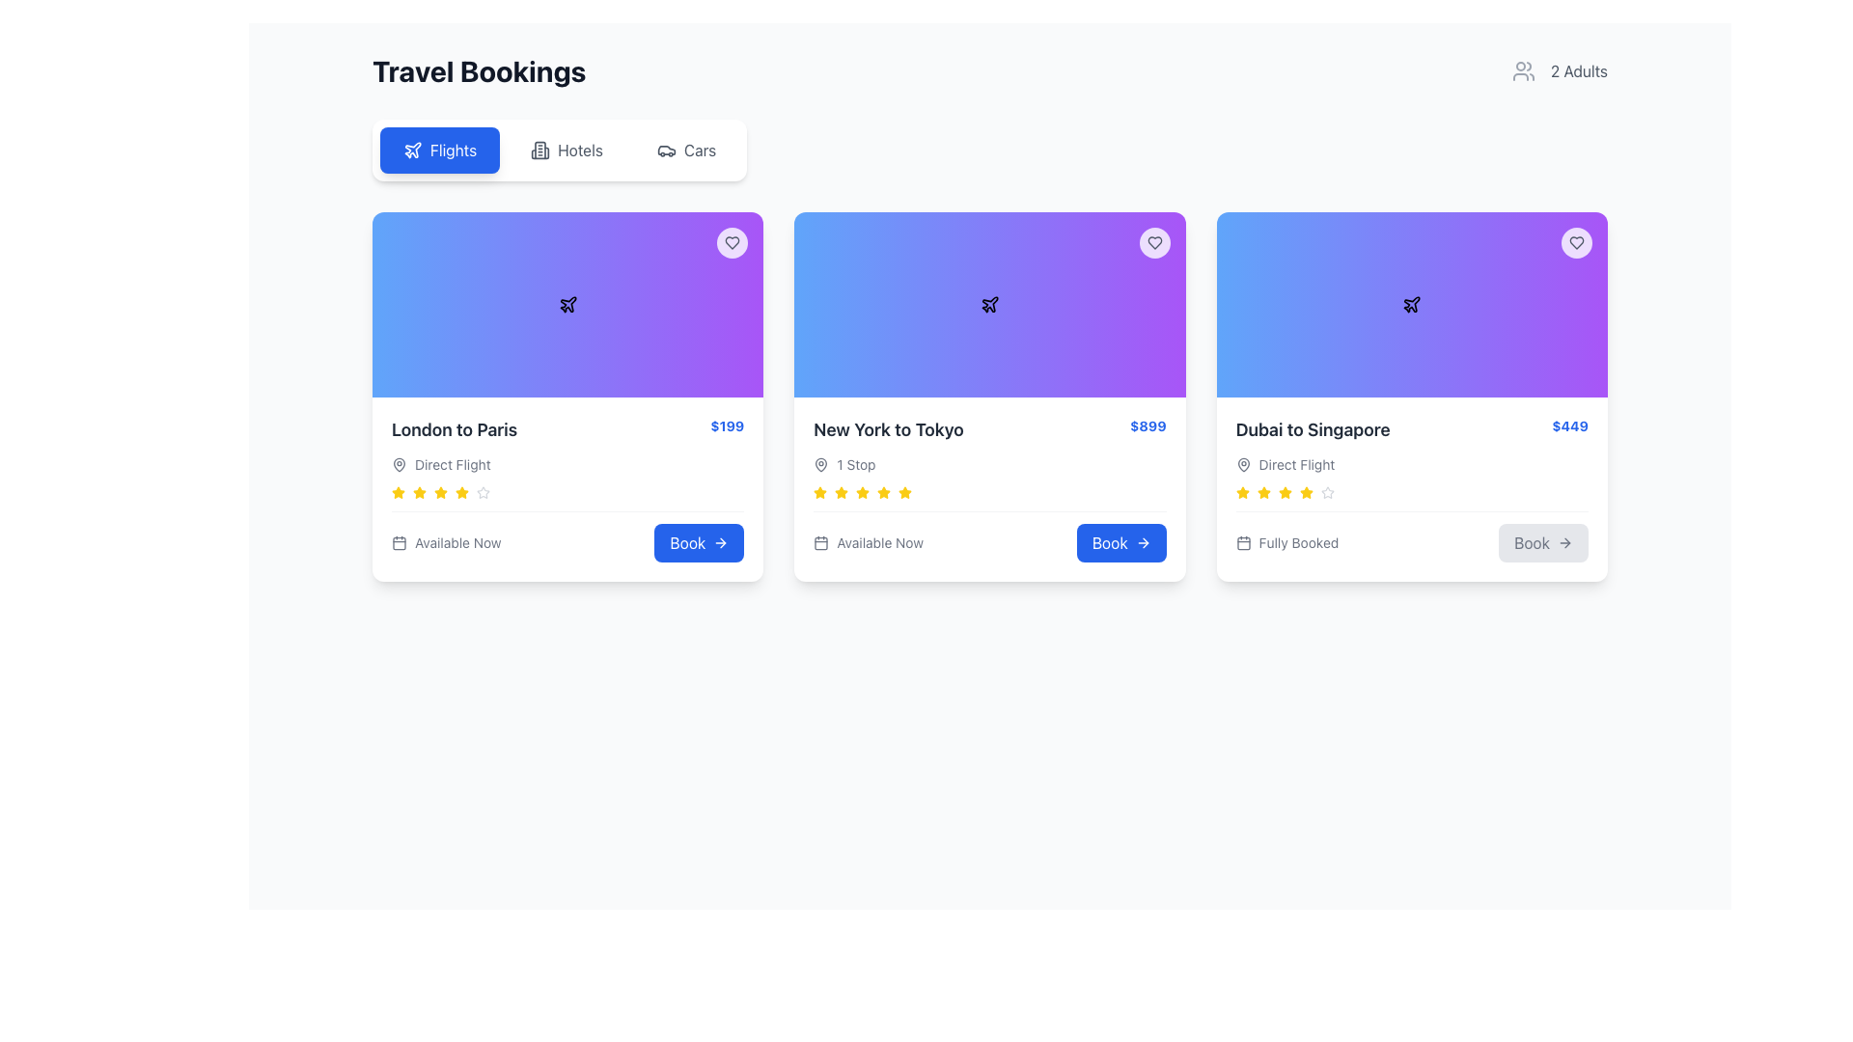 This screenshot has height=1042, width=1853. I want to click on the text label displaying '$899' in blue, bold typography, which is located on the right side of the 'New York to Tokyo' card, slightly above the horizontal center, adjacent to the title text and above the 'Book' button, so click(1148, 425).